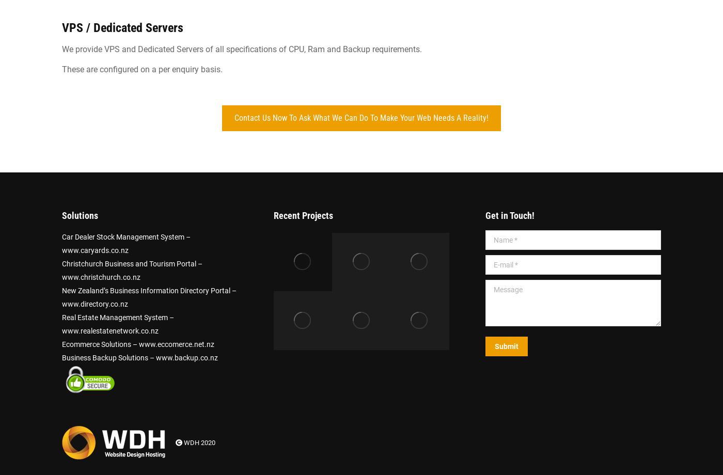 This screenshot has height=475, width=723. Describe the element at coordinates (118, 323) in the screenshot. I see `'Real Estate Management System – www.realestatenetwork.co.nz'` at that location.